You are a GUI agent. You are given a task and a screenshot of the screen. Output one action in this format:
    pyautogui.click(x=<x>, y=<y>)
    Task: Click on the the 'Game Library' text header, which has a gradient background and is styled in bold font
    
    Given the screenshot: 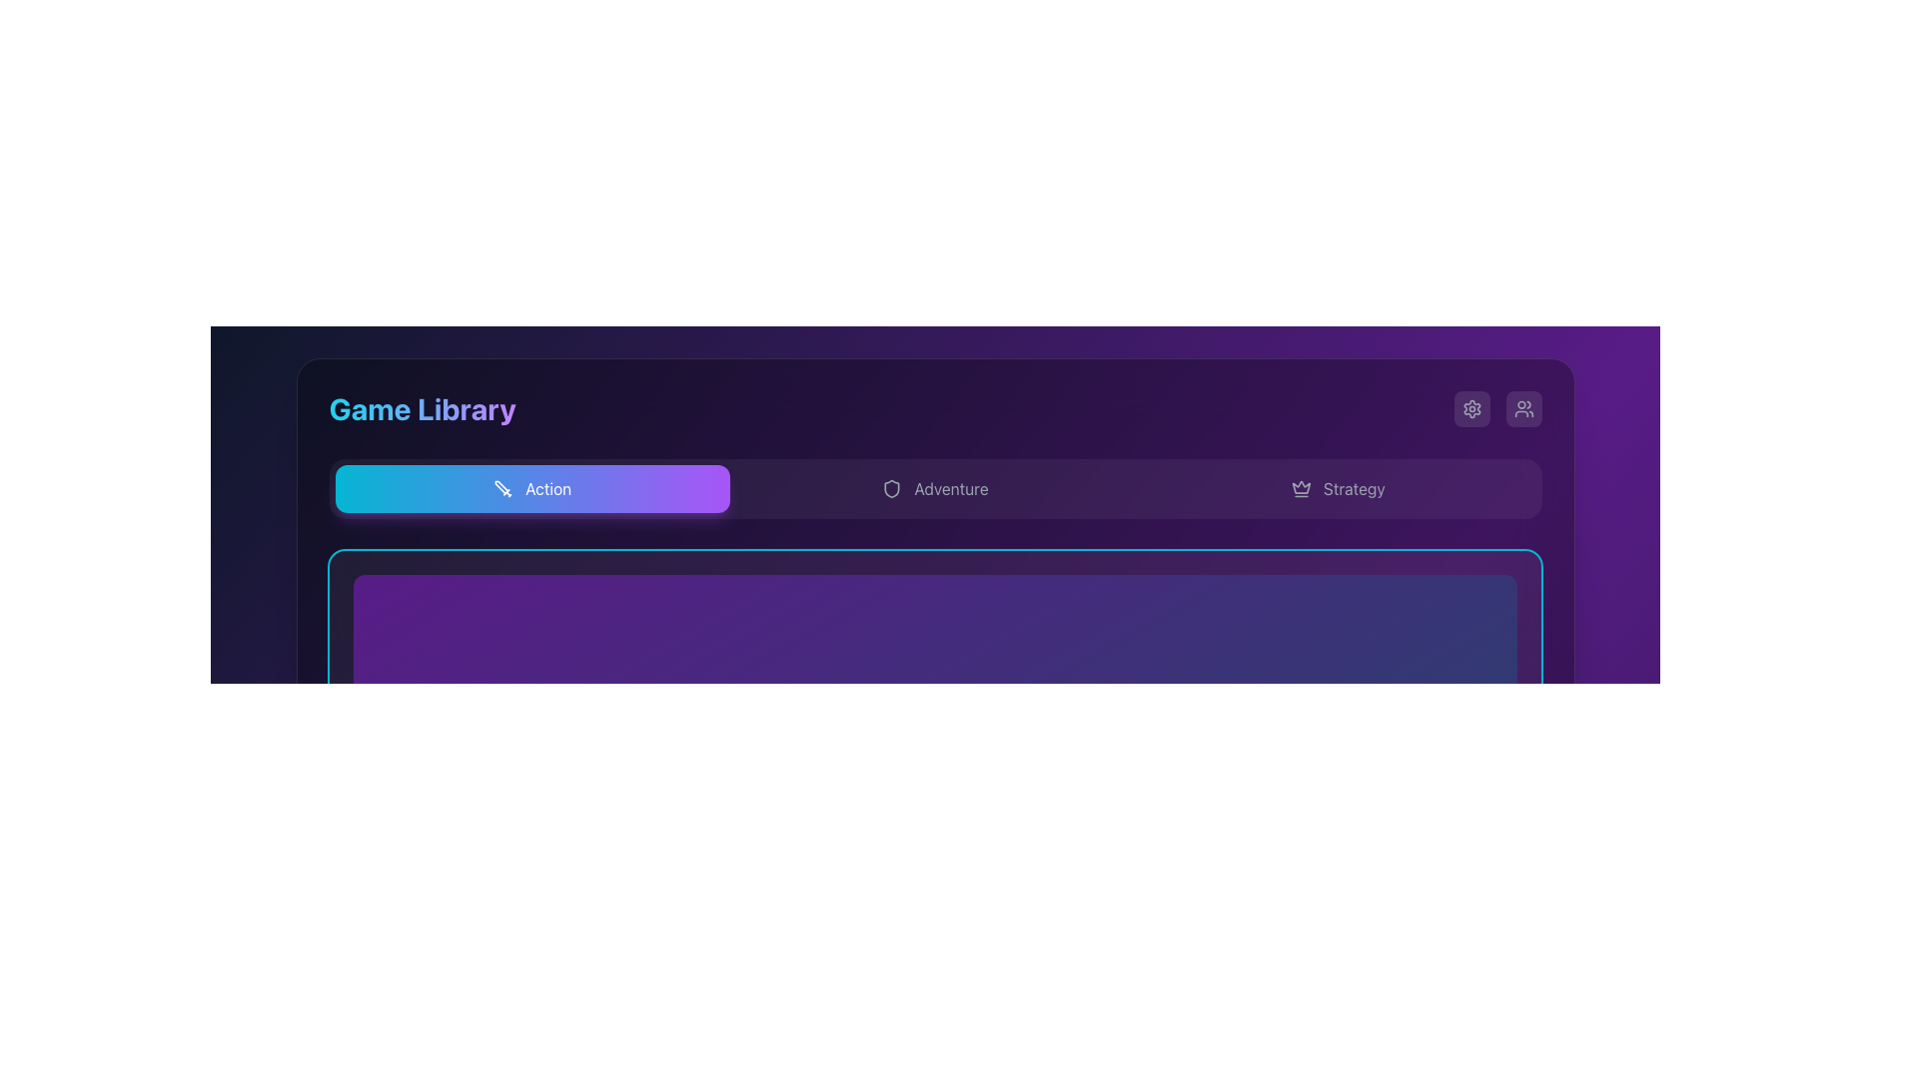 What is the action you would take?
    pyautogui.click(x=421, y=407)
    